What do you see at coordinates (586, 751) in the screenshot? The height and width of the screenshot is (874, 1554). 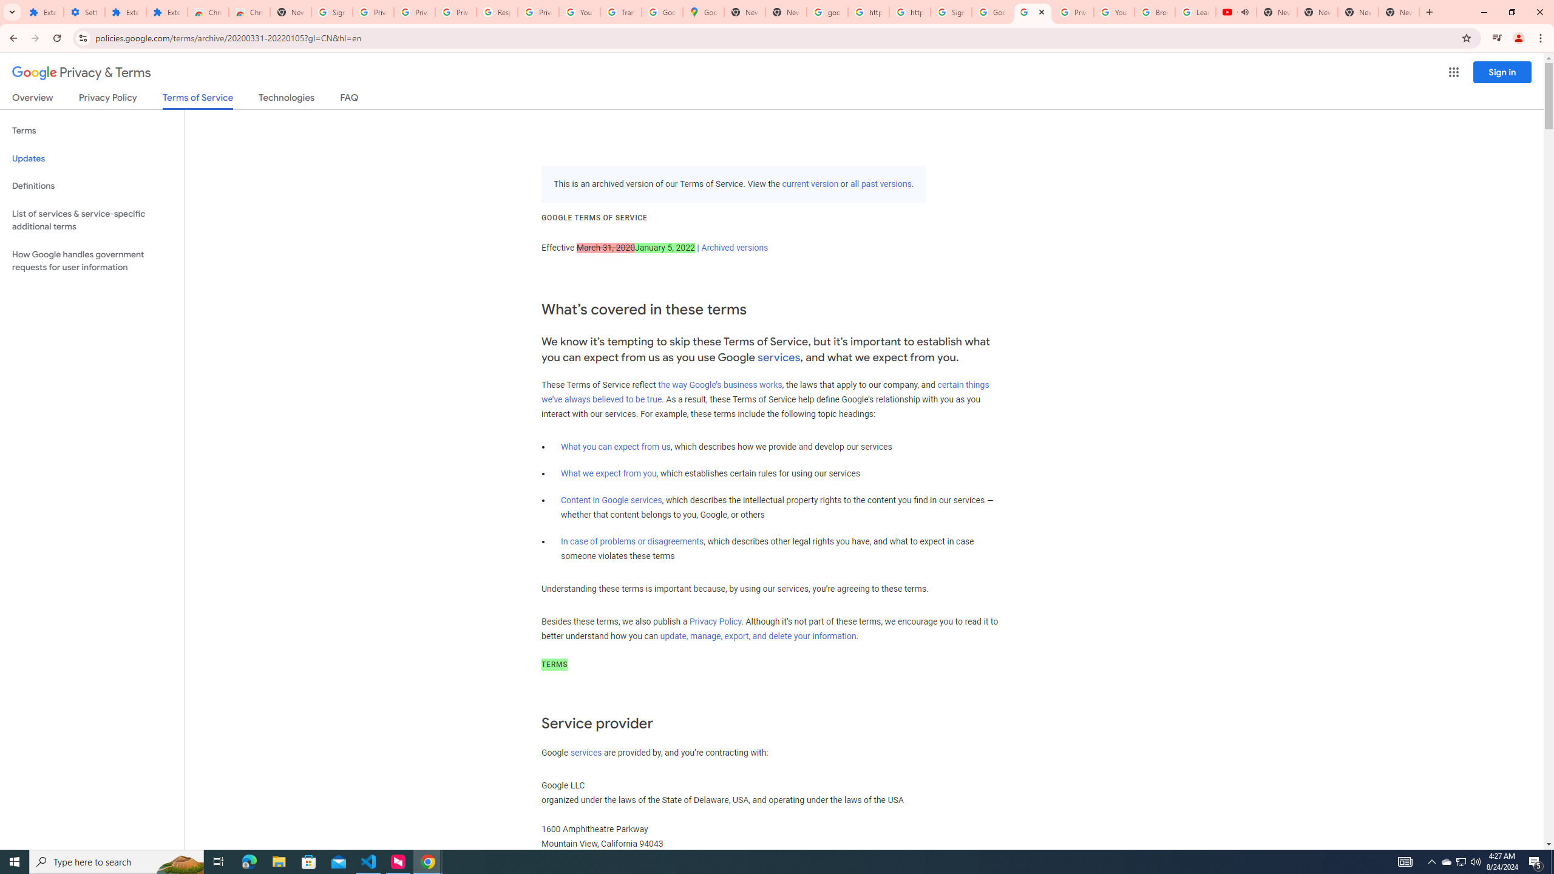 I see `'services'` at bounding box center [586, 751].